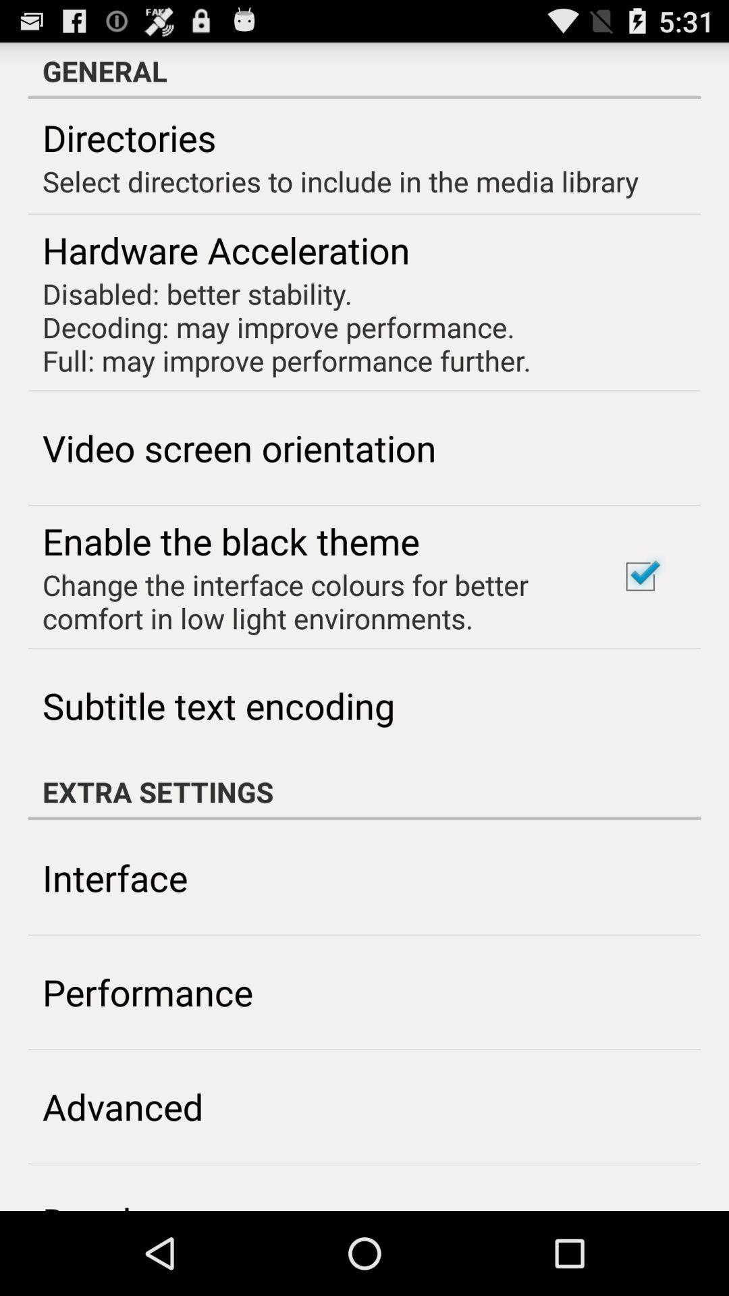  What do you see at coordinates (286, 327) in the screenshot?
I see `disabled better stability item` at bounding box center [286, 327].